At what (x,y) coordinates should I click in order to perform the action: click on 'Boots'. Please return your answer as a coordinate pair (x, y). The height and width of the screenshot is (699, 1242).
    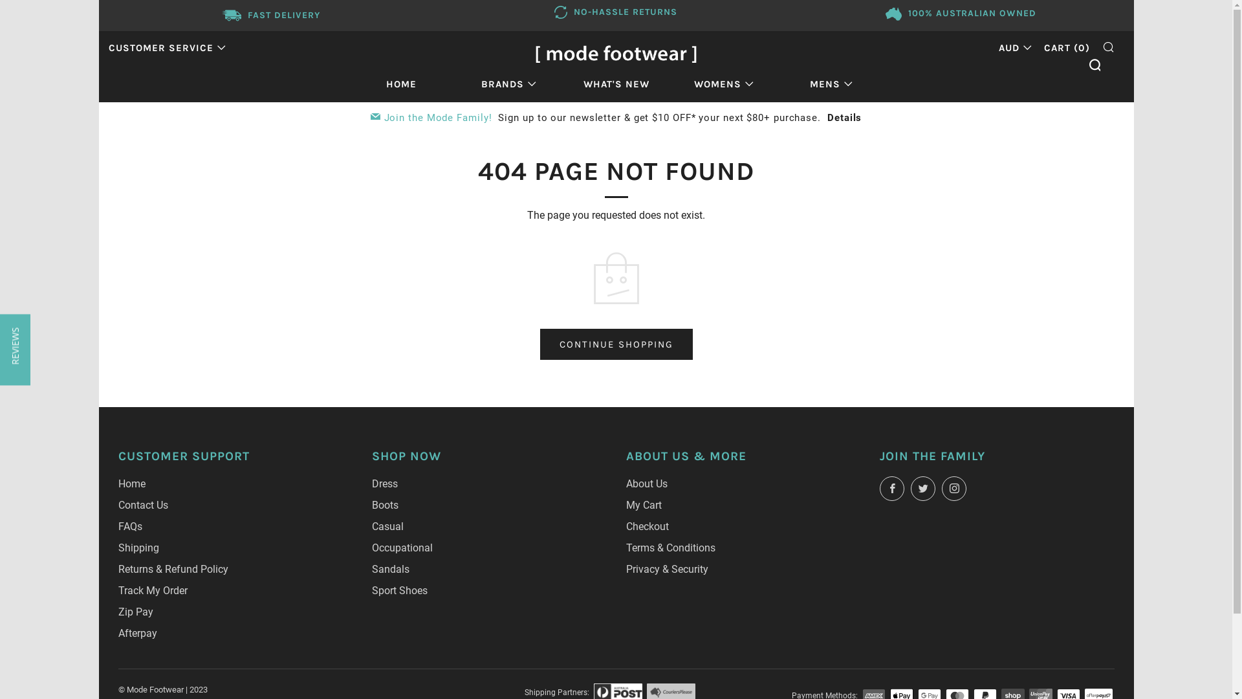
    Looking at the image, I should click on (384, 504).